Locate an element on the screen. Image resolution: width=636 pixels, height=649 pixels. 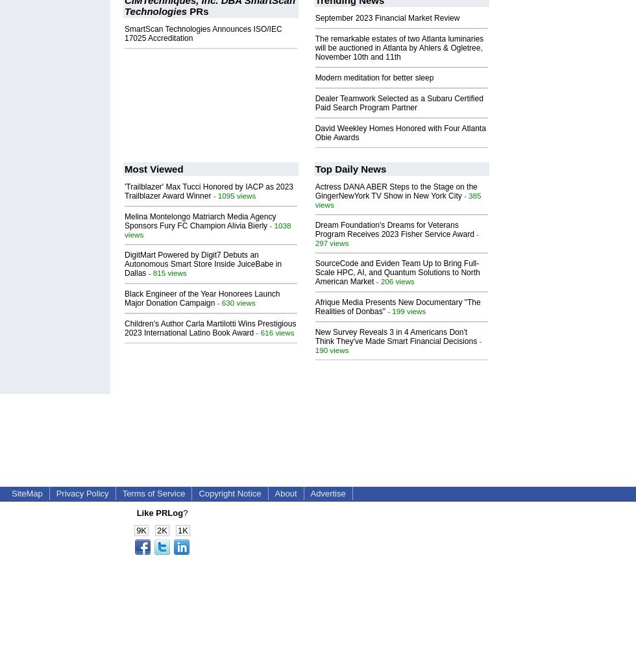
'Melina Montelongo Matriarch Media Agency Sponsors Fury FC Champion Alivia Bierly' is located at coordinates (124, 220).